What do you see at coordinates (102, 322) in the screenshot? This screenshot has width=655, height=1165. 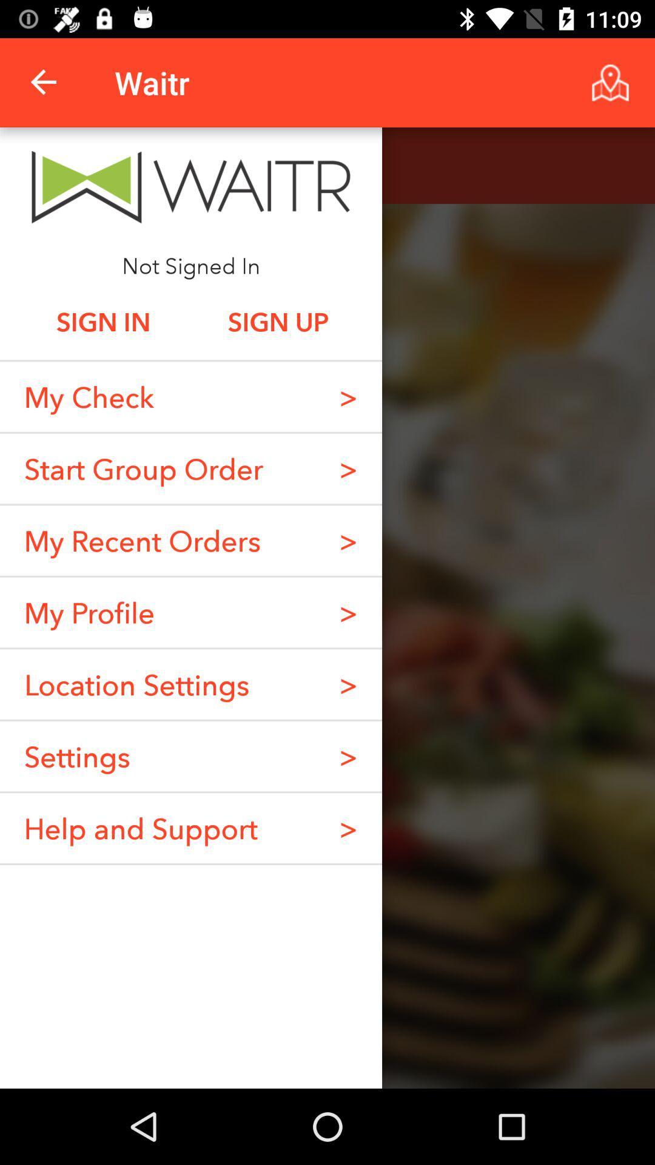 I see `item above my check` at bounding box center [102, 322].